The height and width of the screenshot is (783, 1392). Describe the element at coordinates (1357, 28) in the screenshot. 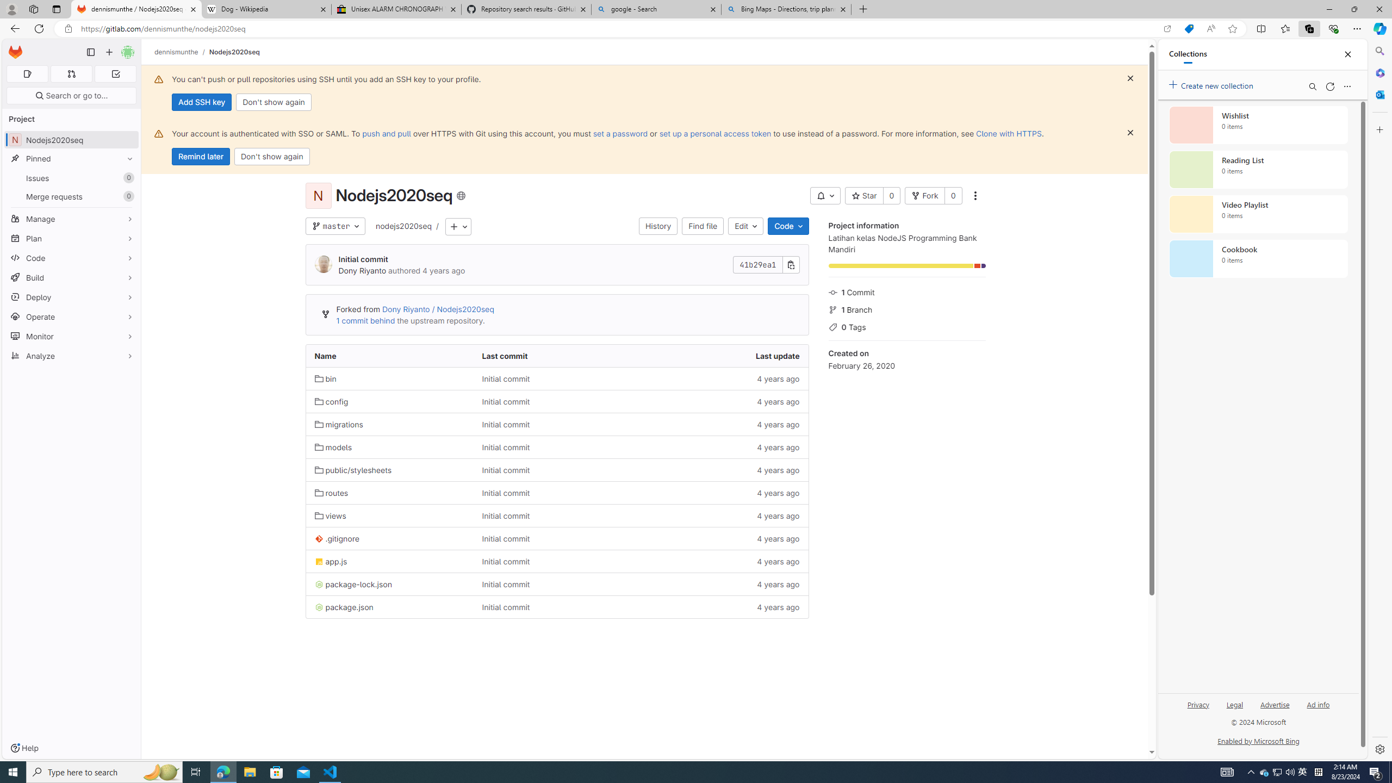

I see `'Settings and more (Alt+F)'` at that location.